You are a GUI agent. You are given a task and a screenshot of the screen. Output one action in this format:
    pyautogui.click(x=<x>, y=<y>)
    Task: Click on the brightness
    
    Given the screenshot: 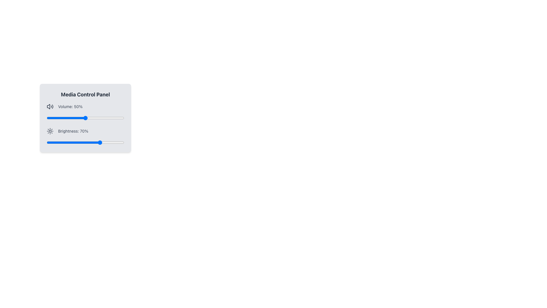 What is the action you would take?
    pyautogui.click(x=78, y=142)
    